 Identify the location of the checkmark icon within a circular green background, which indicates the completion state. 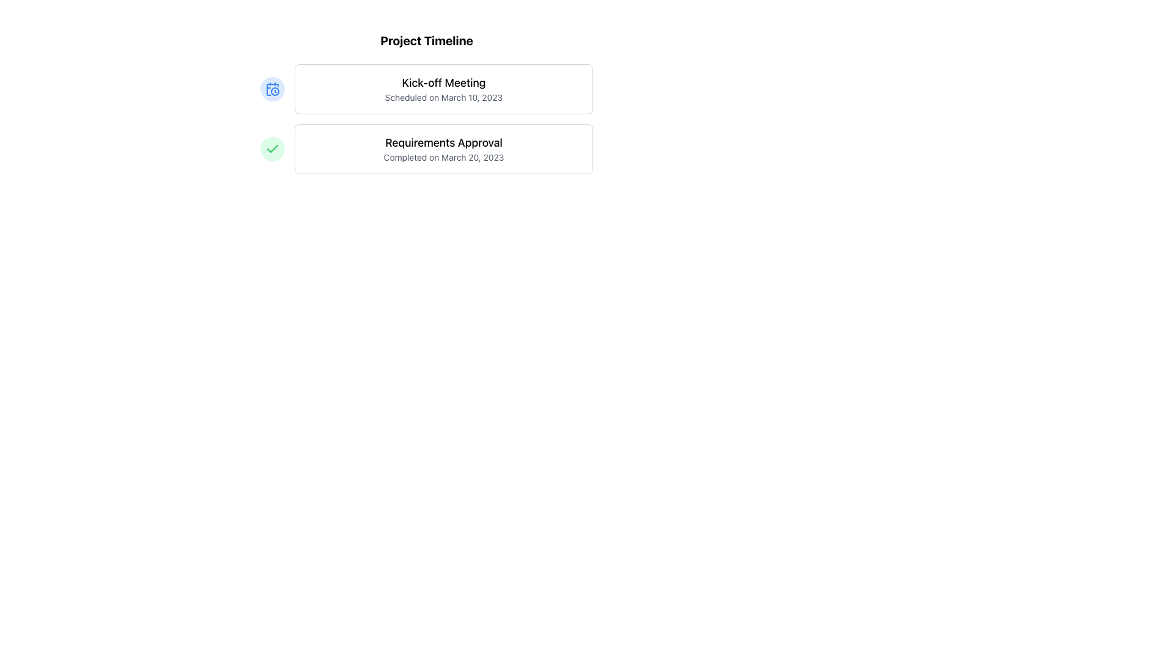
(272, 148).